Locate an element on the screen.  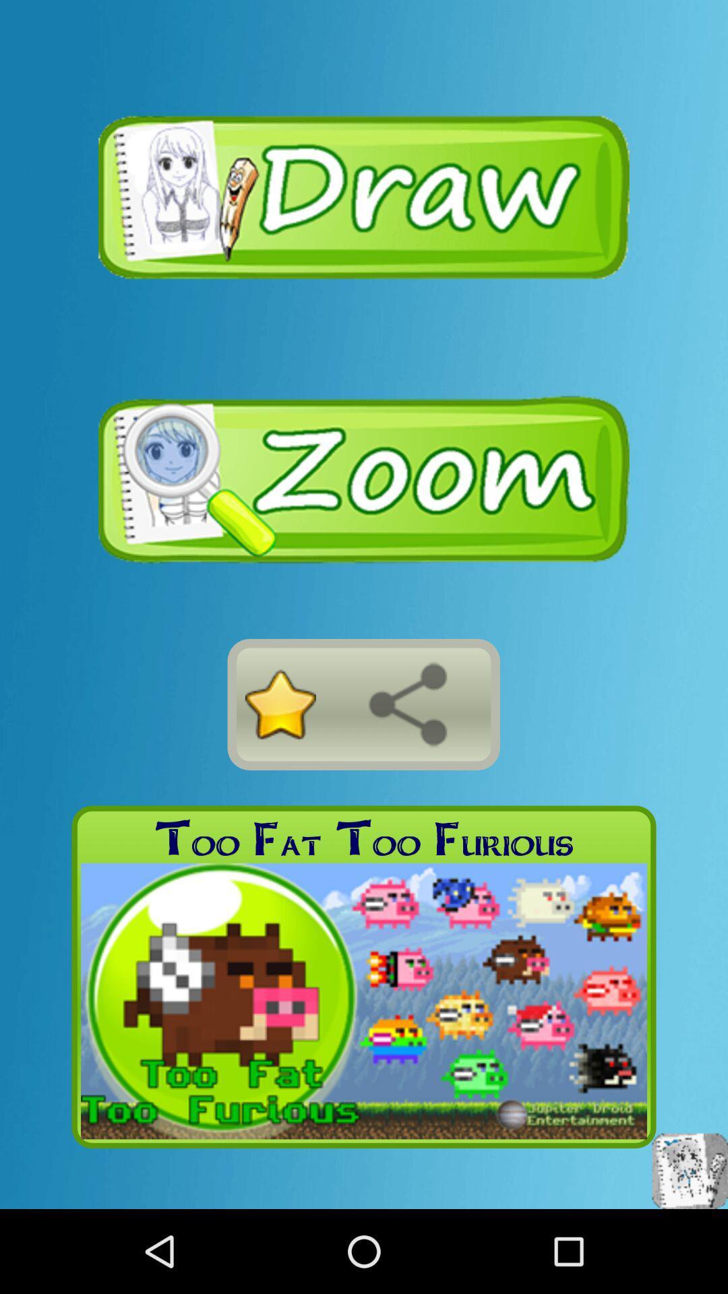
zoom is located at coordinates (364, 479).